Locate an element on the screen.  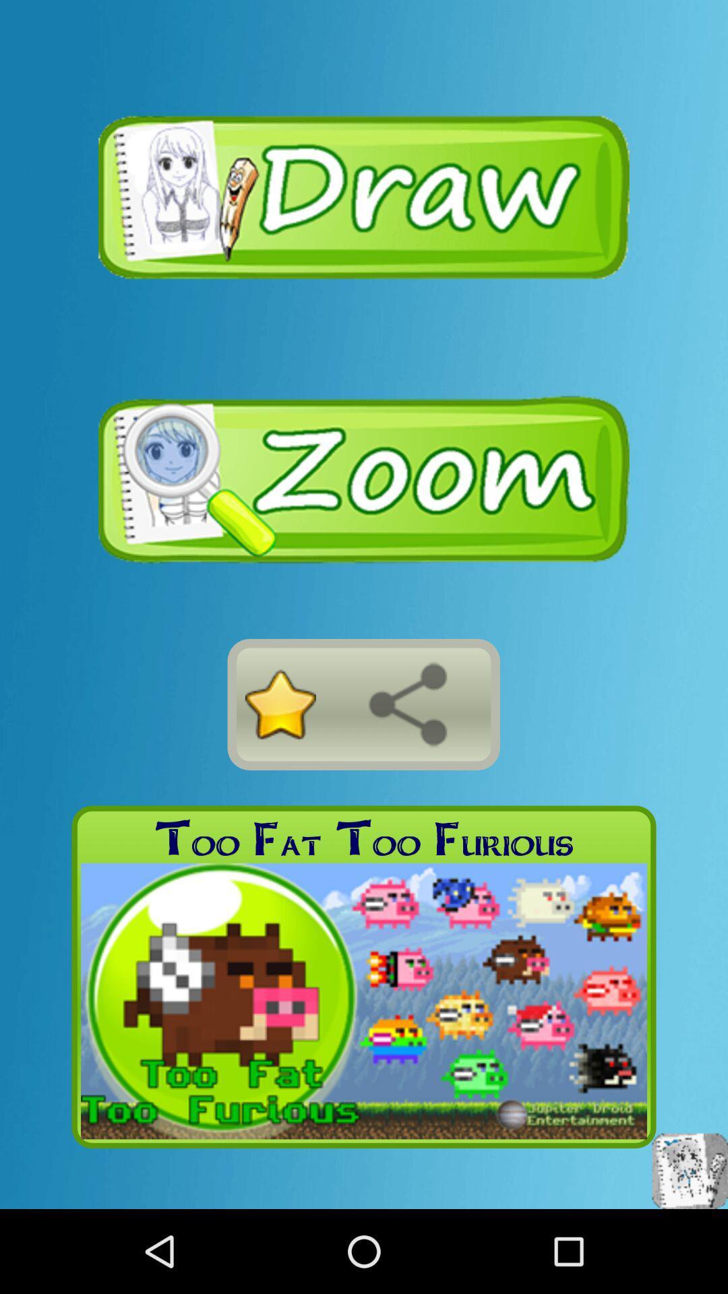
zoom is located at coordinates (364, 479).